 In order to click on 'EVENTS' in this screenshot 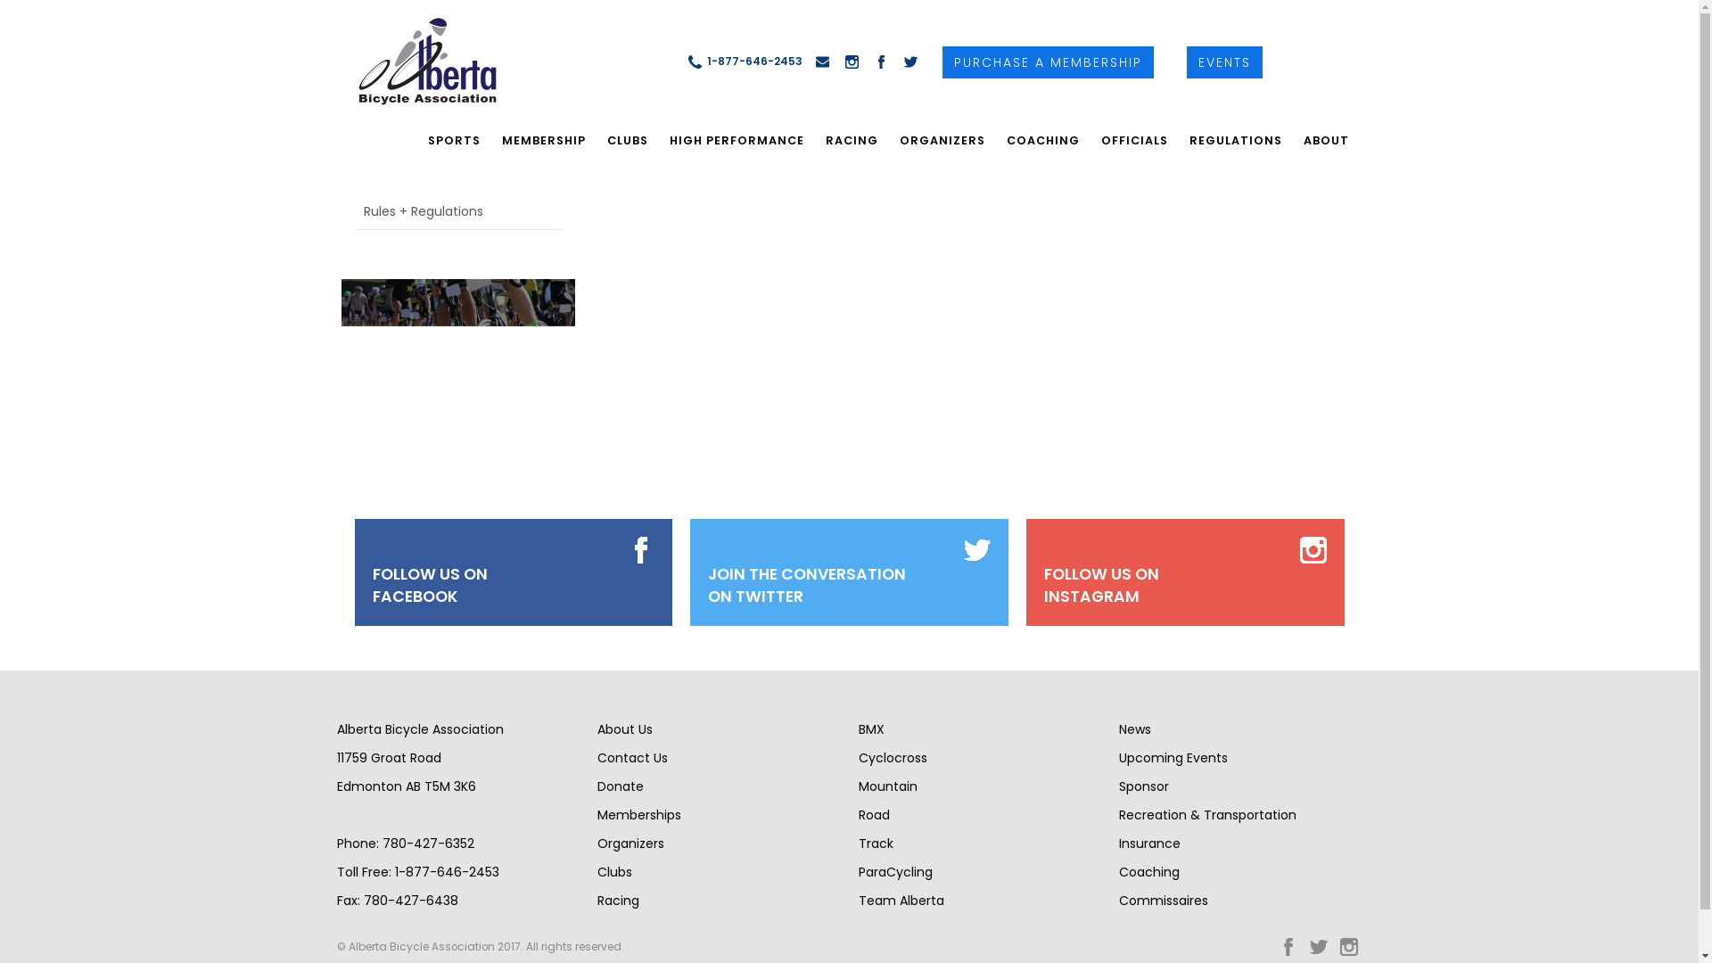, I will do `click(1223, 61)`.